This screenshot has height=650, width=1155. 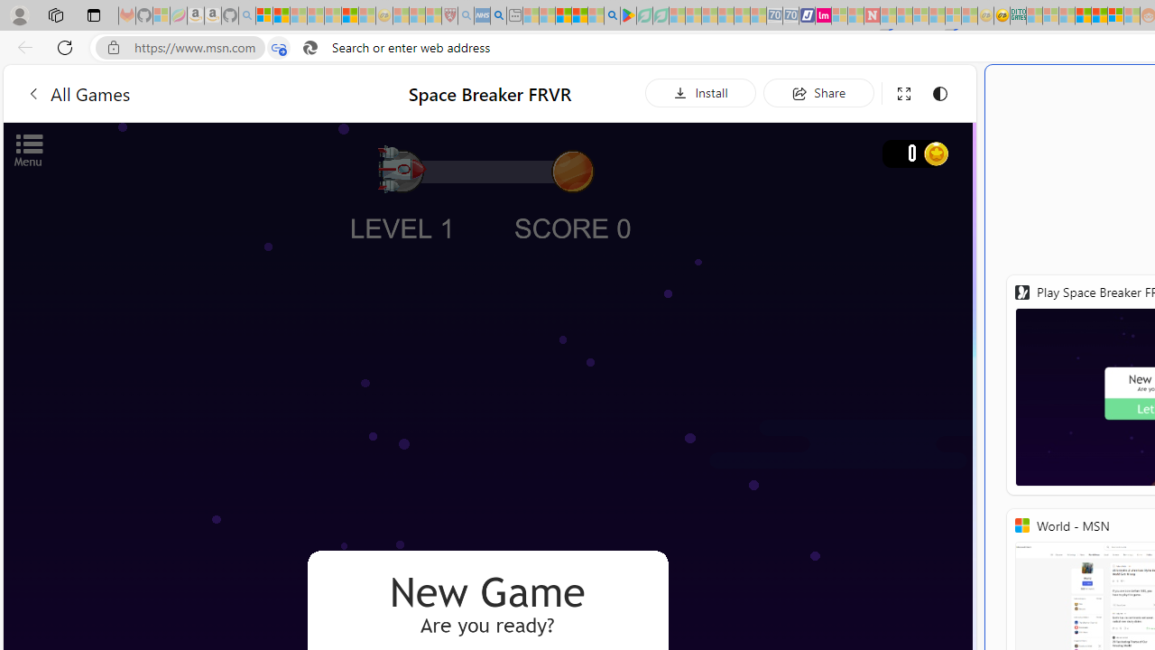 What do you see at coordinates (822, 15) in the screenshot?
I see `'Jobs - lastminute.com Investor Portal'` at bounding box center [822, 15].